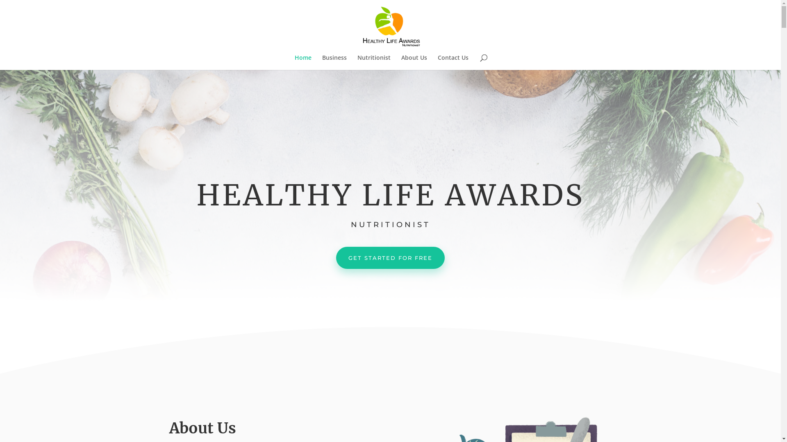 This screenshot has height=442, width=787. What do you see at coordinates (302, 62) in the screenshot?
I see `'Home'` at bounding box center [302, 62].